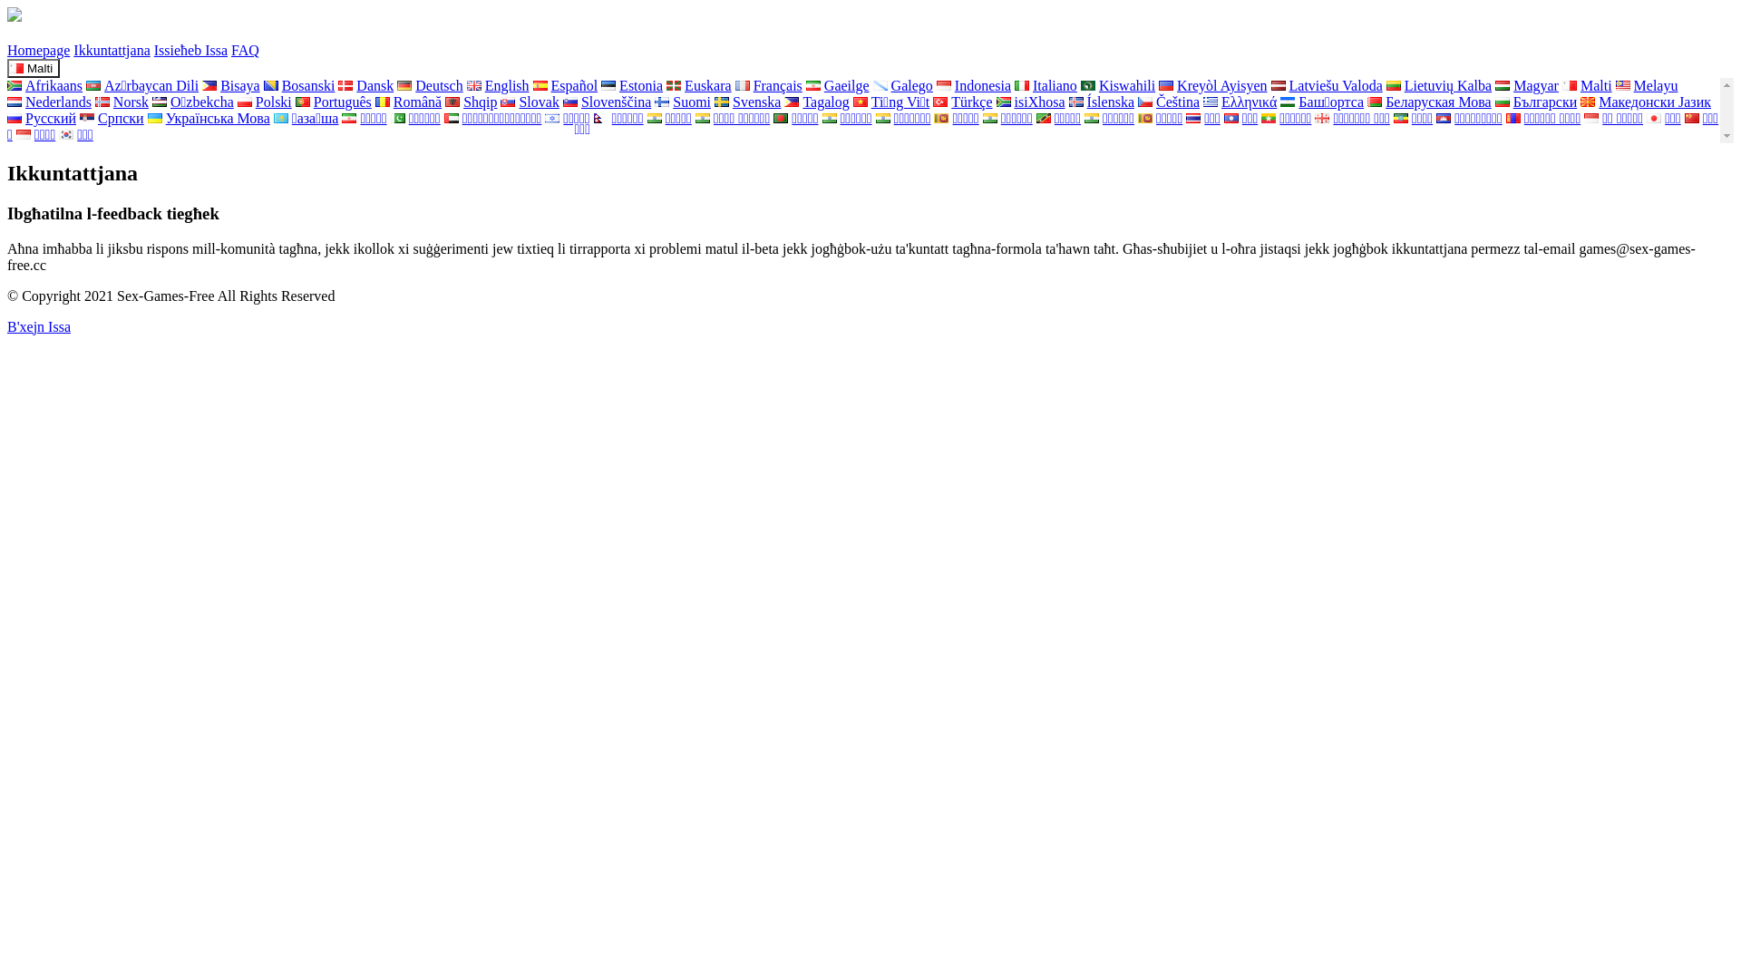 Image resolution: width=1741 pixels, height=979 pixels. What do you see at coordinates (498, 85) in the screenshot?
I see `'English'` at bounding box center [498, 85].